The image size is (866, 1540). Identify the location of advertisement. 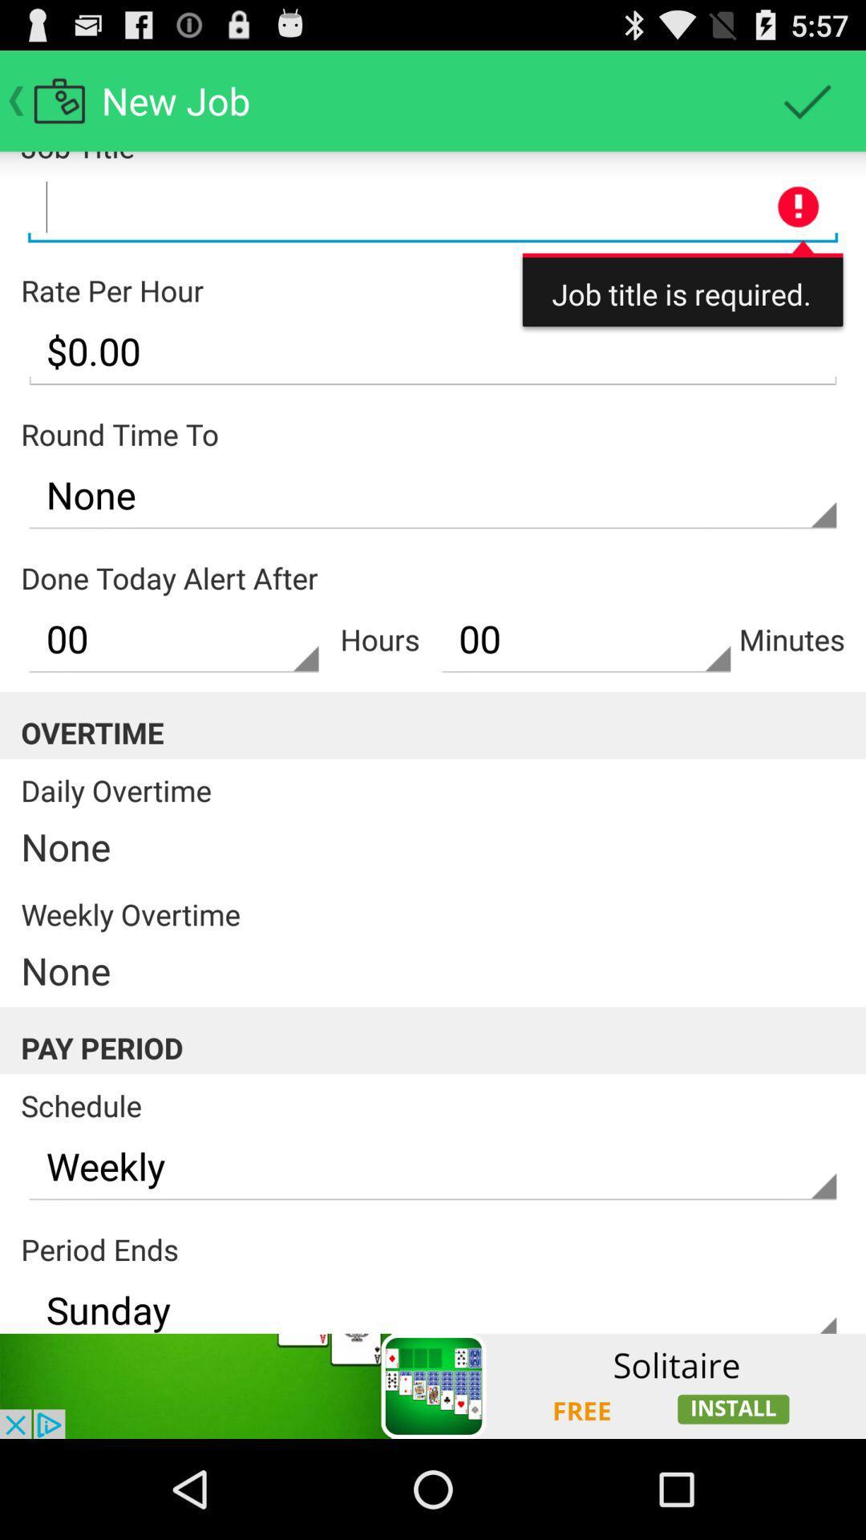
(433, 1385).